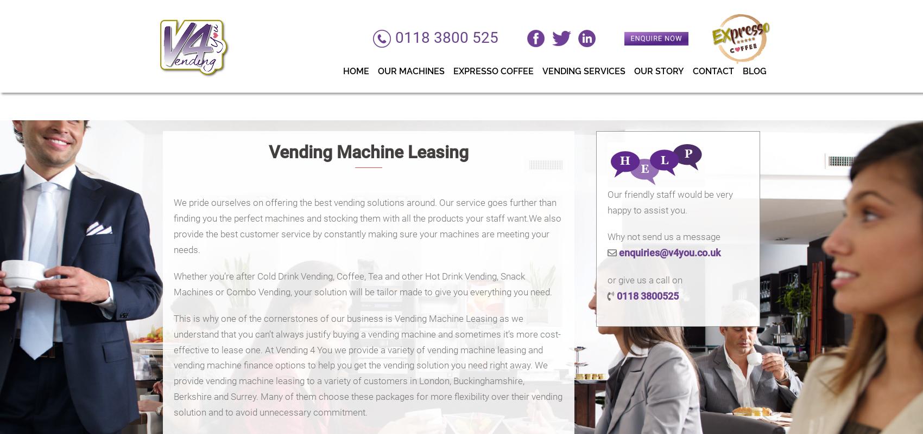  What do you see at coordinates (458, 40) in the screenshot?
I see `'0118 3800 525'` at bounding box center [458, 40].